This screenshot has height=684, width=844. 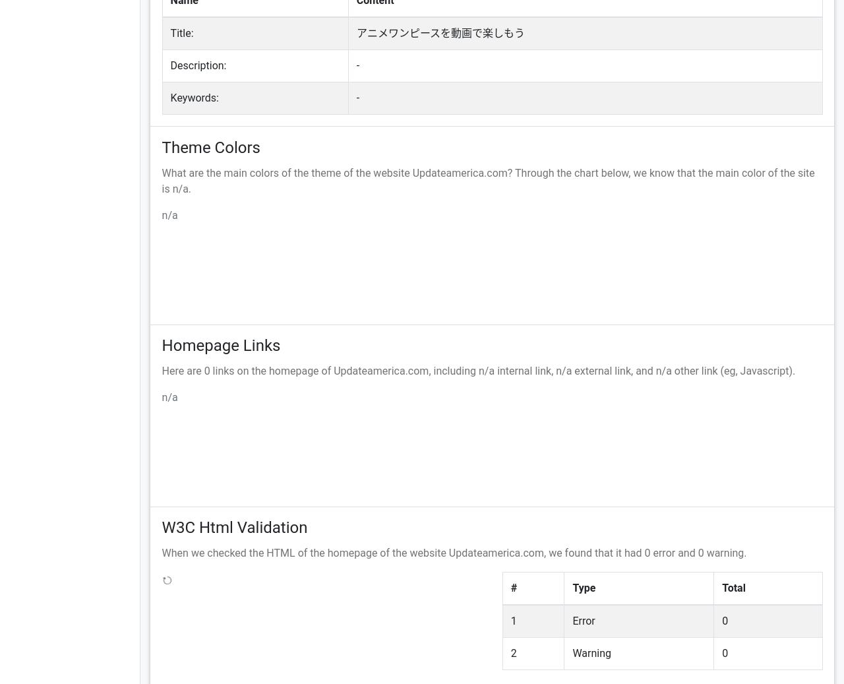 I want to click on '#', so click(x=513, y=588).